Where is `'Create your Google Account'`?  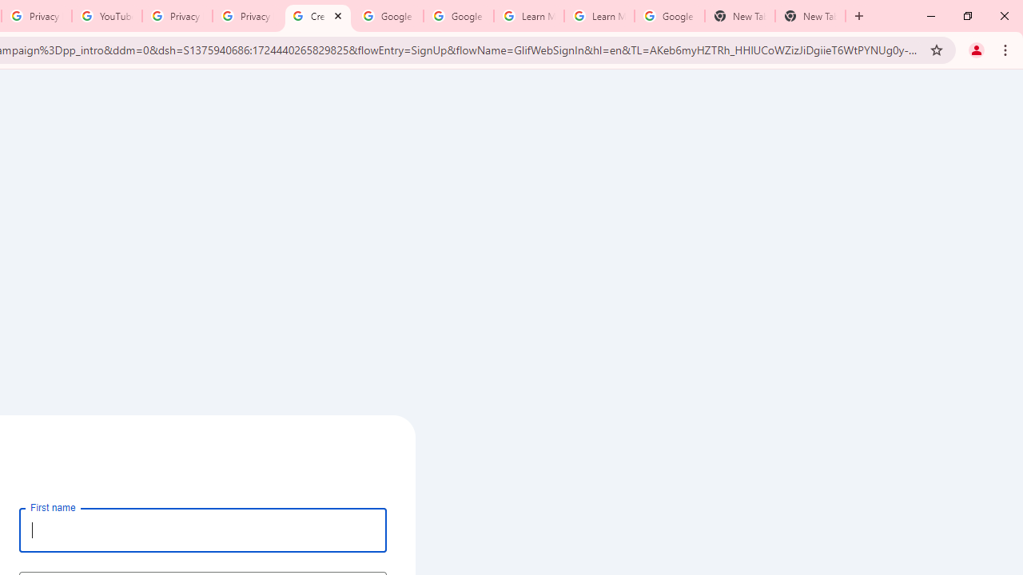 'Create your Google Account' is located at coordinates (318, 16).